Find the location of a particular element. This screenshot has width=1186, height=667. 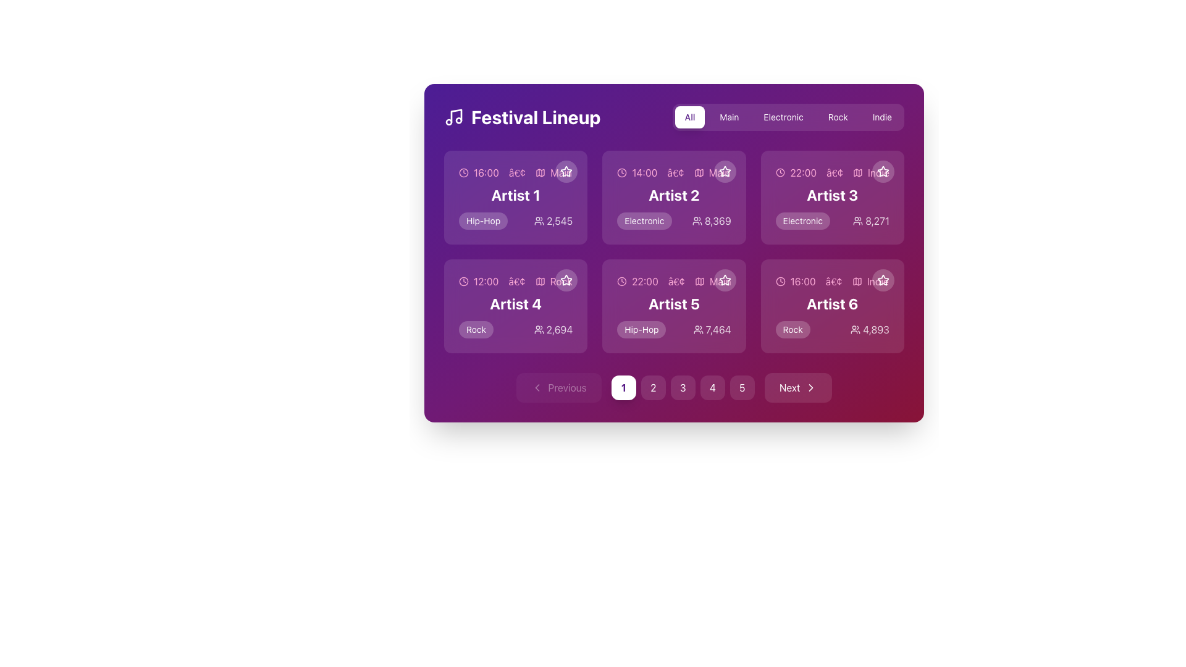

the text label displaying 'Artist 4' in bold, large white font on a purple background, located in the second row, first column of the artist information grid is located at coordinates (516, 304).